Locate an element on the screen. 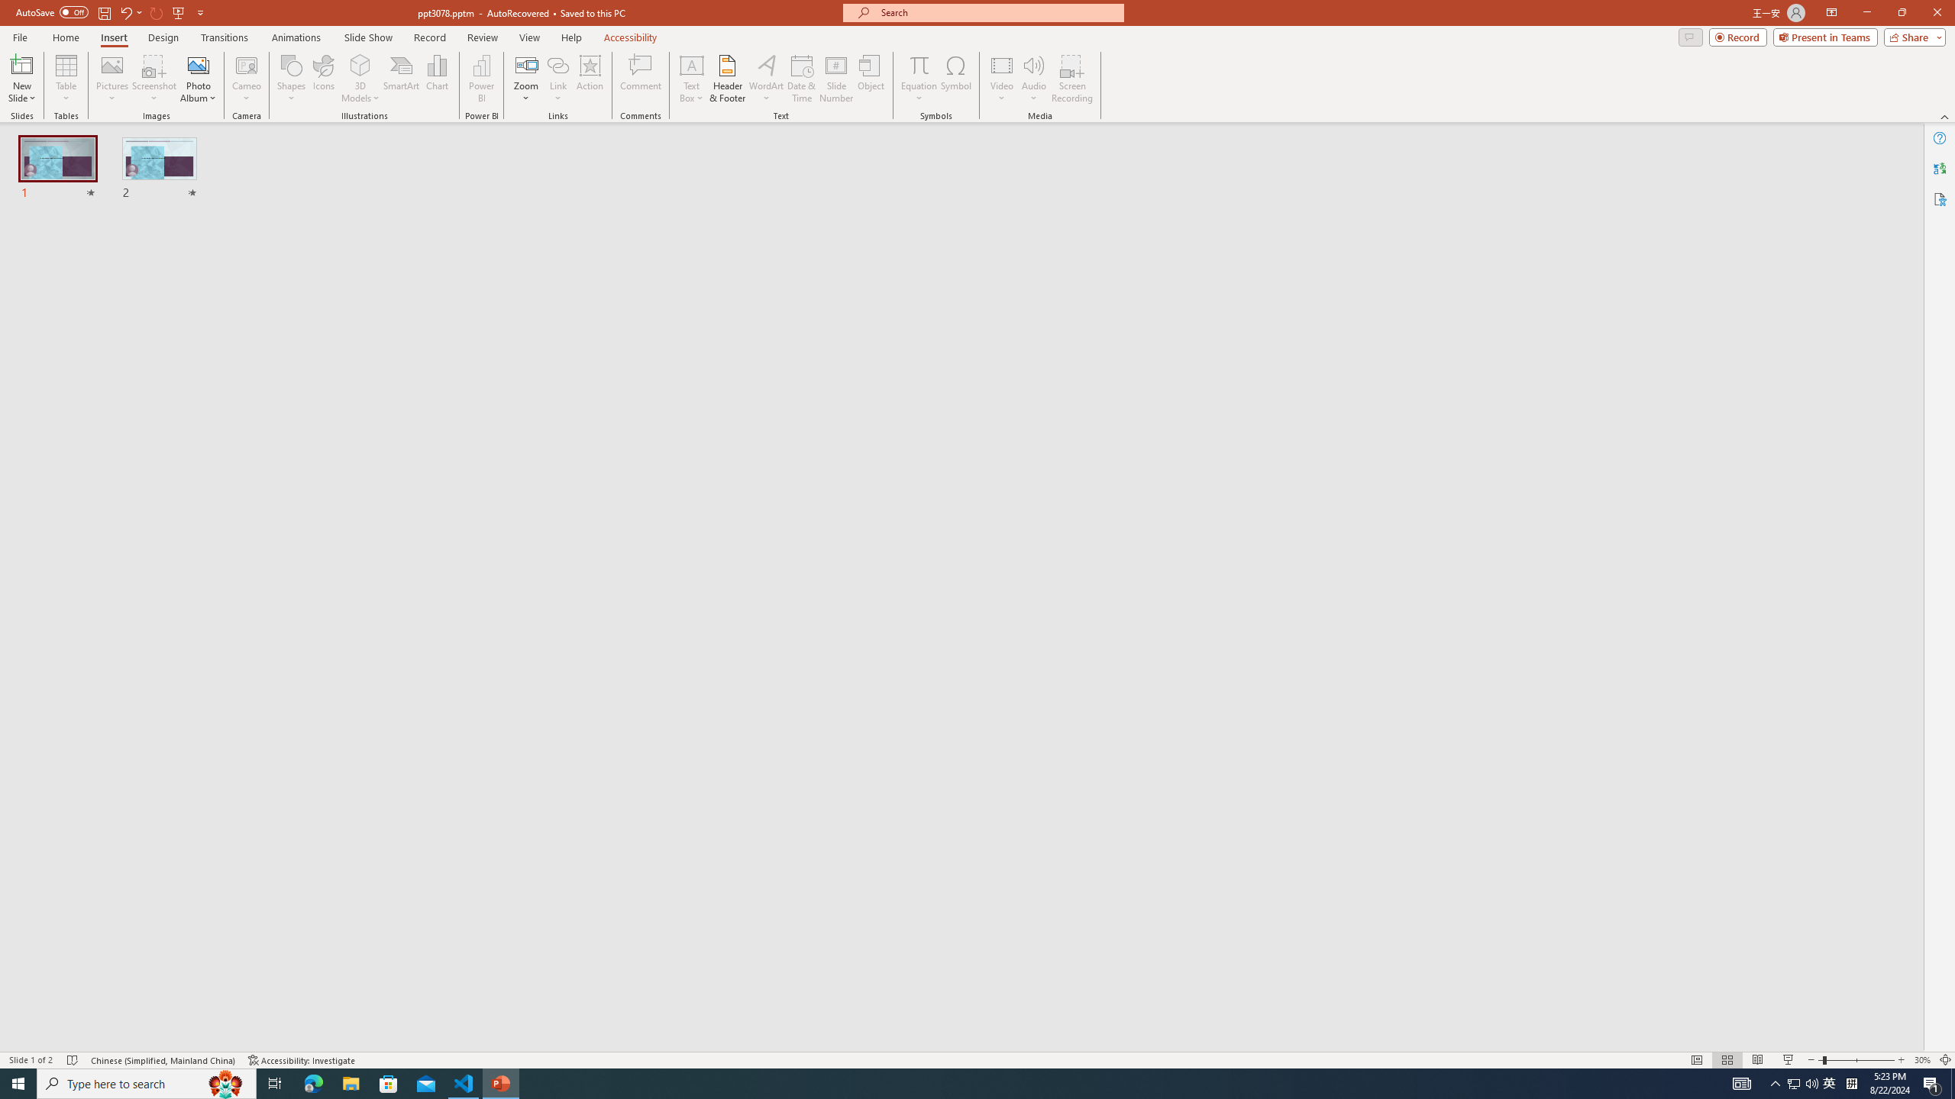  'Icons' is located at coordinates (323, 79).